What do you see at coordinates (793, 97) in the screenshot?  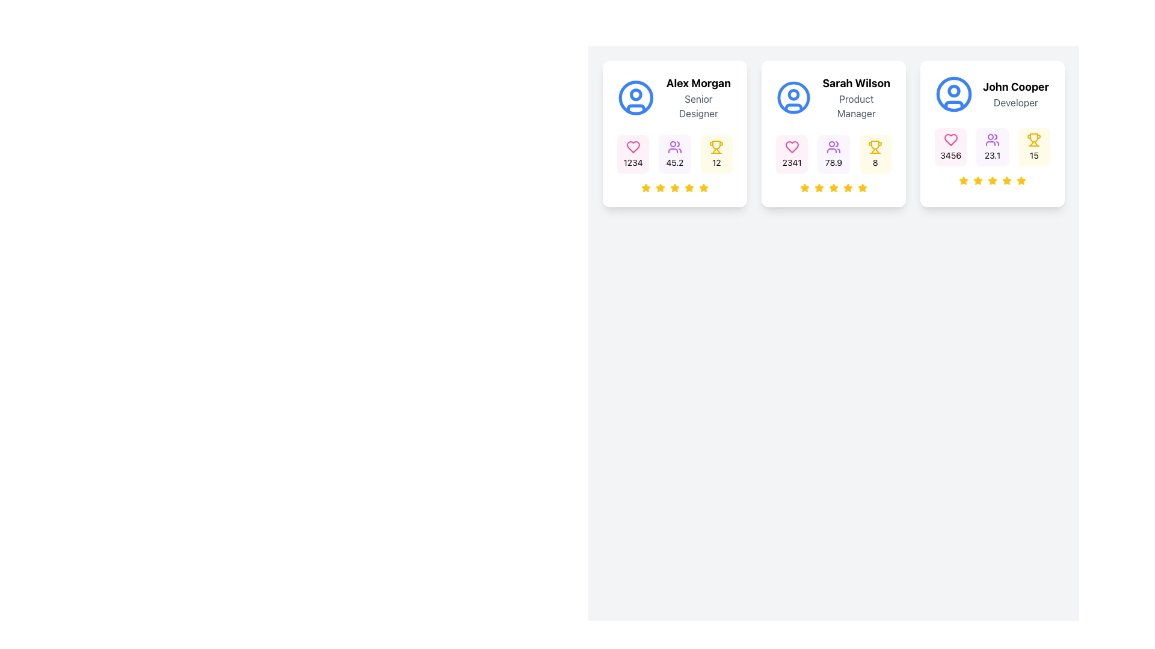 I see `the profile picture icon located at the top of Sarah Wilson's user card, which represents the user's avatar` at bounding box center [793, 97].